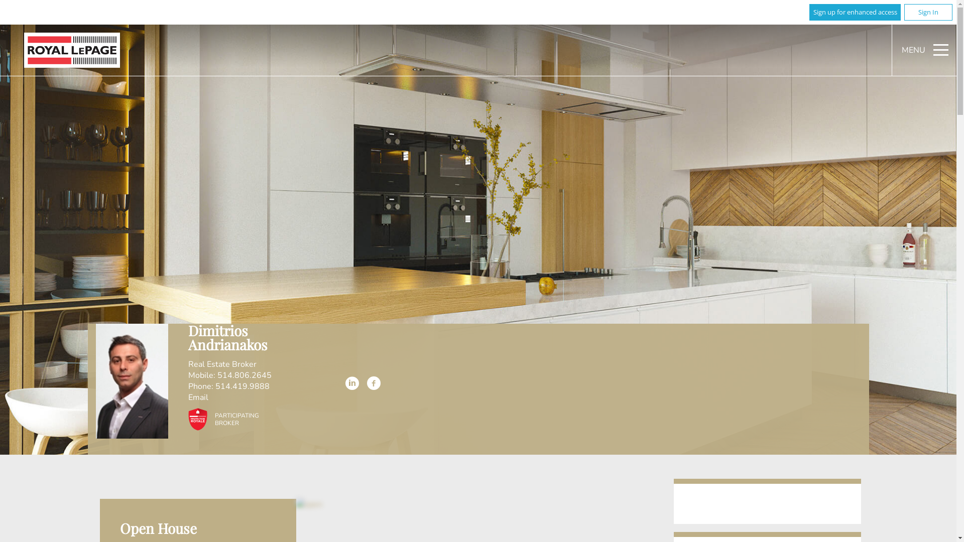  What do you see at coordinates (131, 381) in the screenshot?
I see `'Dimitrios Andrianakos'` at bounding box center [131, 381].